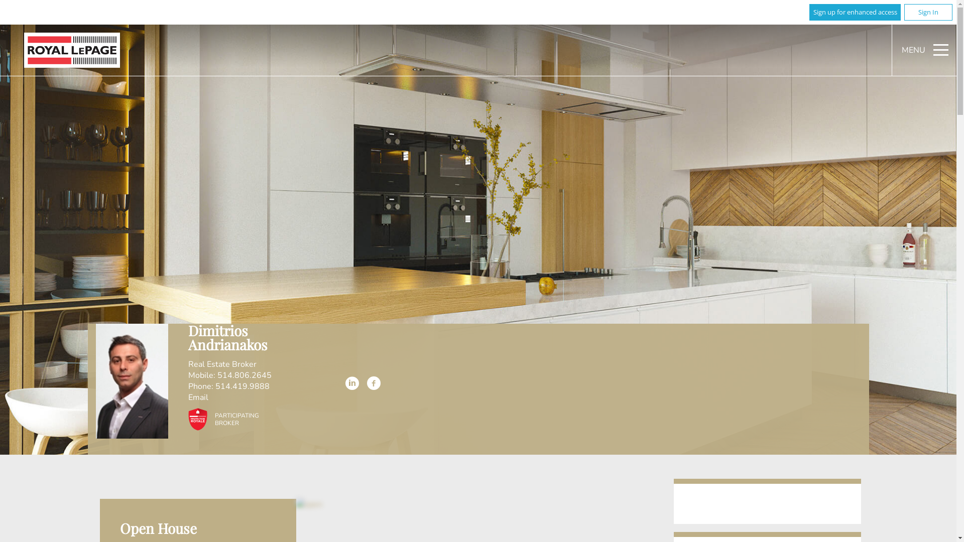  What do you see at coordinates (131, 381) in the screenshot?
I see `'Dimitrios Andrianakos'` at bounding box center [131, 381].